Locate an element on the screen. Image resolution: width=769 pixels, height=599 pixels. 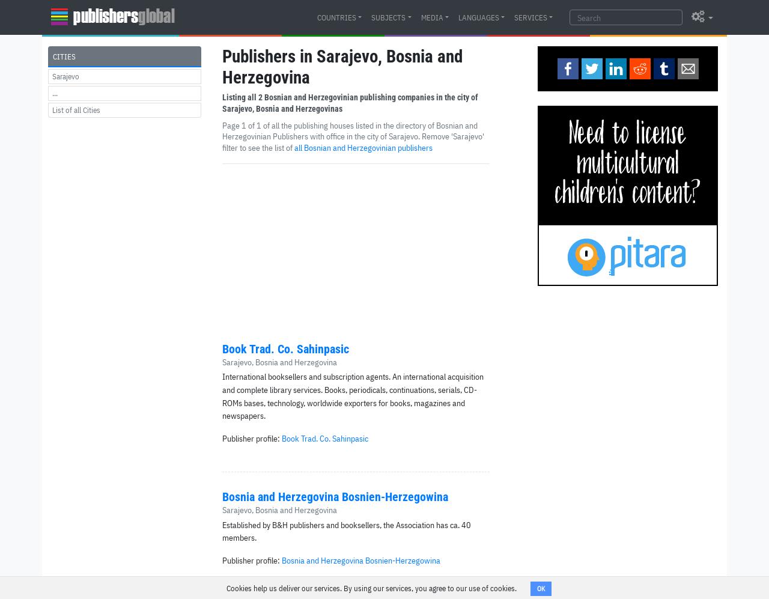
'MEDIA' is located at coordinates (421, 17).